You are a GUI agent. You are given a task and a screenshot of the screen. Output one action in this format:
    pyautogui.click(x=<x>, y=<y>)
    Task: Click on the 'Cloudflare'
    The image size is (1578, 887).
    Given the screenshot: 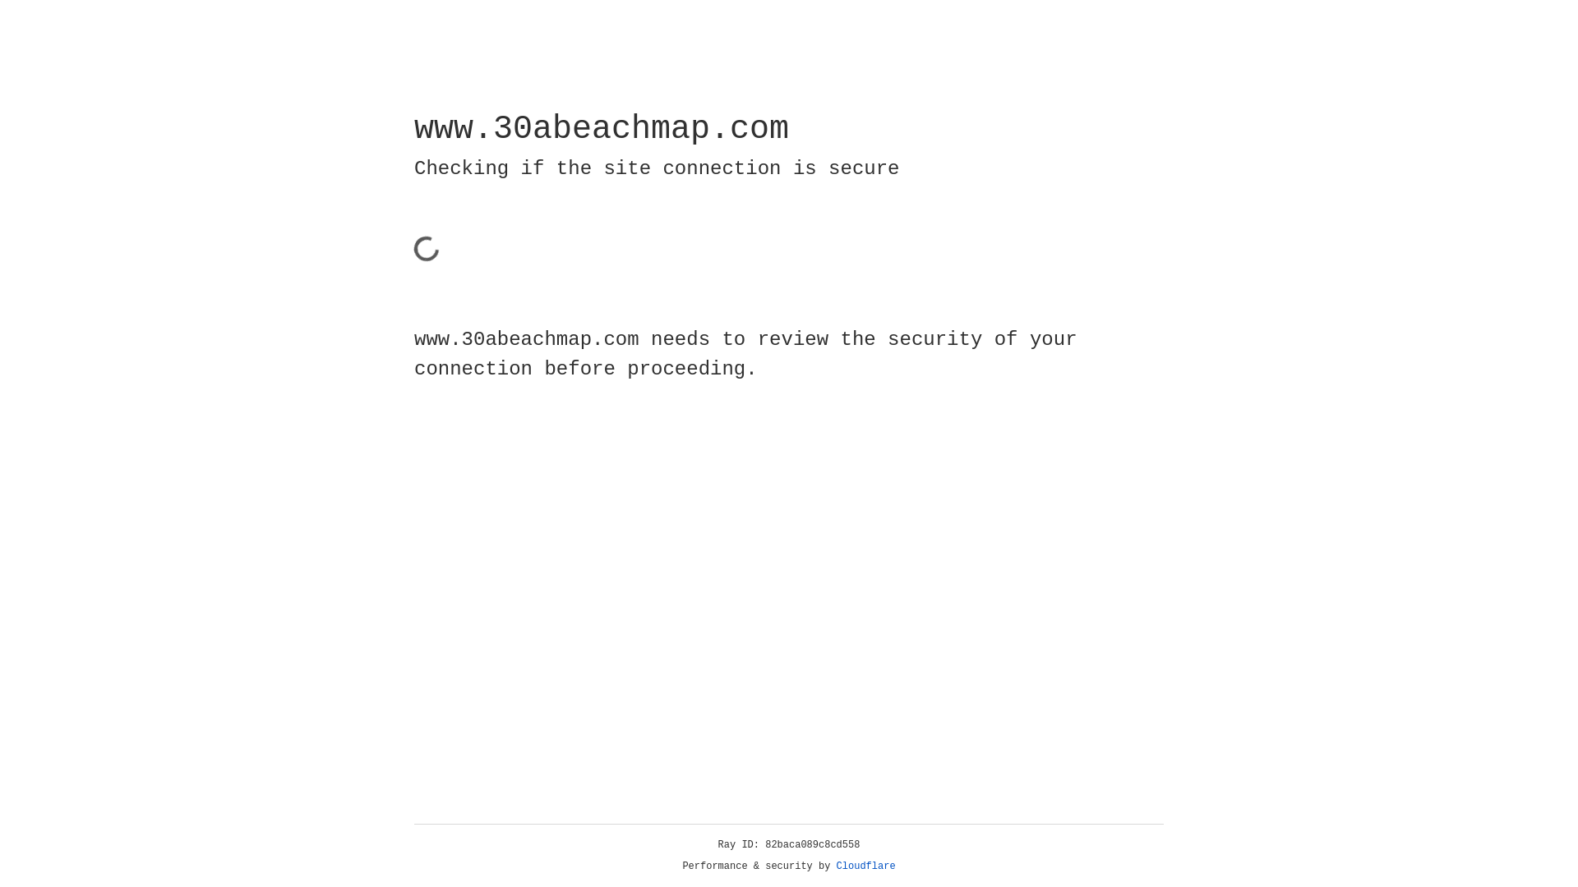 What is the action you would take?
    pyautogui.click(x=865, y=866)
    